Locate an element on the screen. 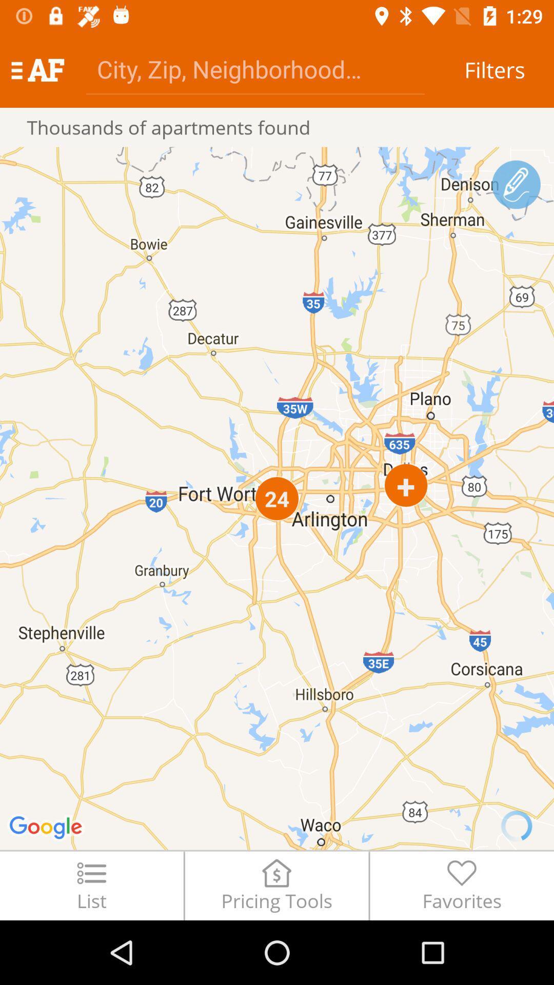 The width and height of the screenshot is (554, 985). the item next to the pricing tools is located at coordinates (91, 885).